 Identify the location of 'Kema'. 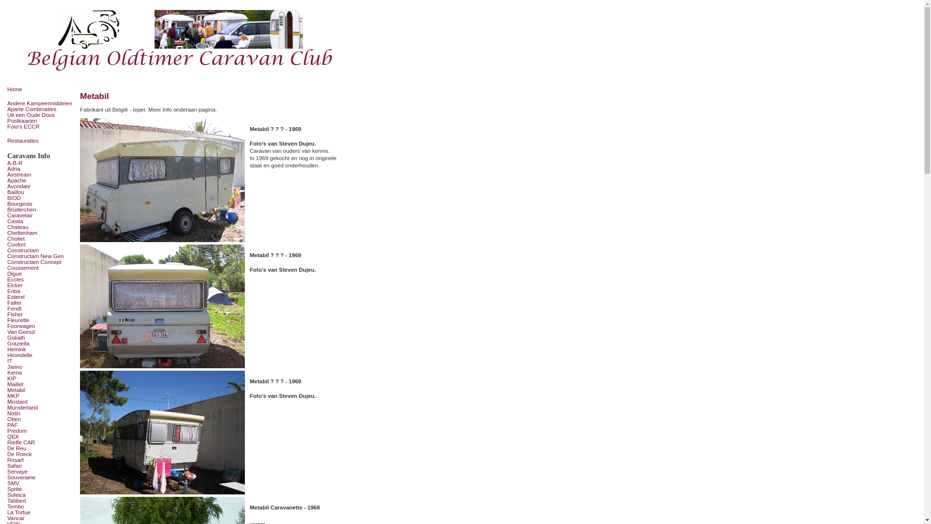
(41, 372).